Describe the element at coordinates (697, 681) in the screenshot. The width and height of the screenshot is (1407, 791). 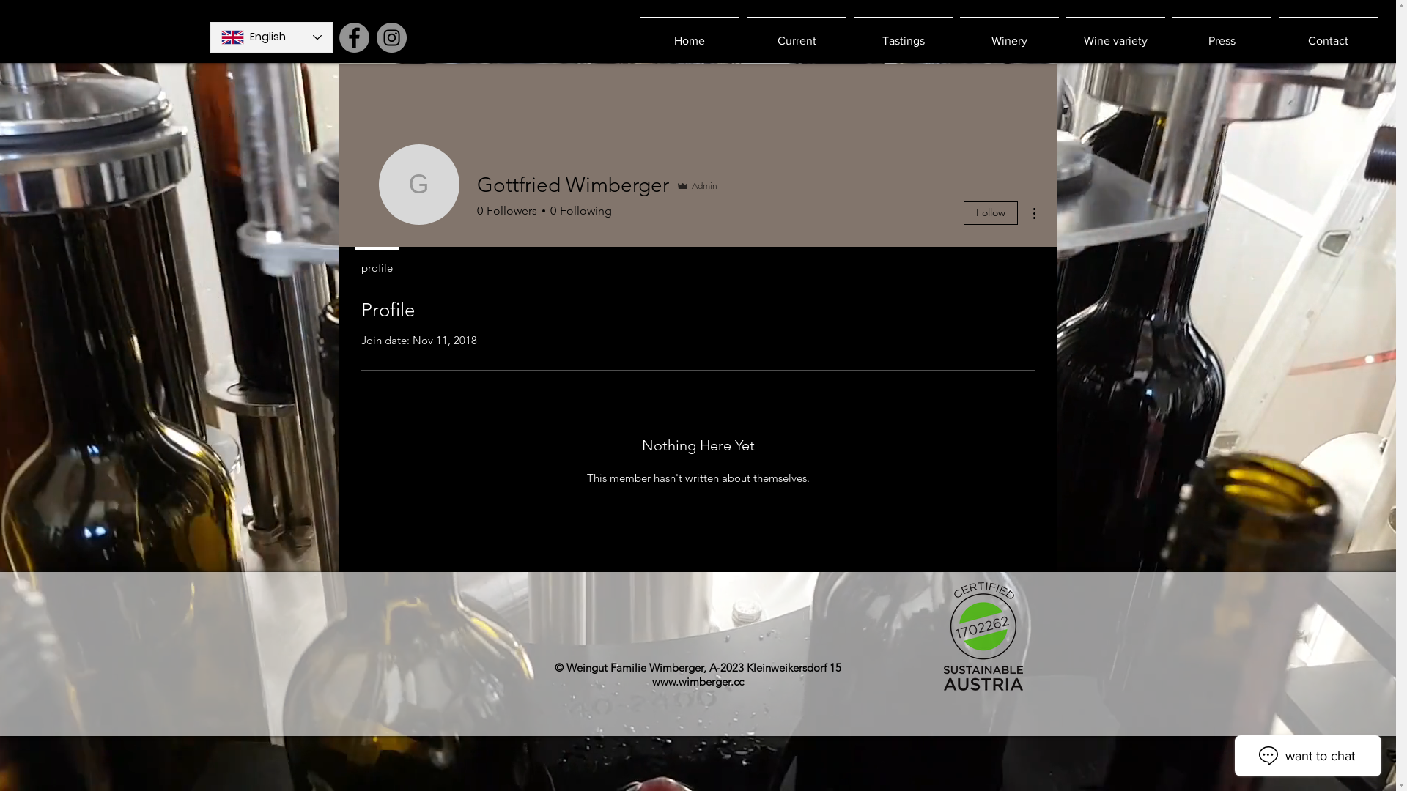
I see `'www.wimberger.cc'` at that location.